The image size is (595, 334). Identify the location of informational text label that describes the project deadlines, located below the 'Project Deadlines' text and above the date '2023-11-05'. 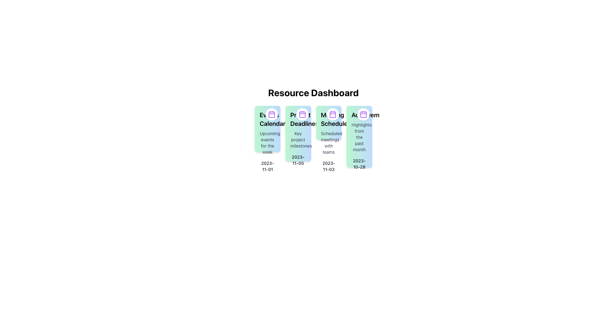
(298, 139).